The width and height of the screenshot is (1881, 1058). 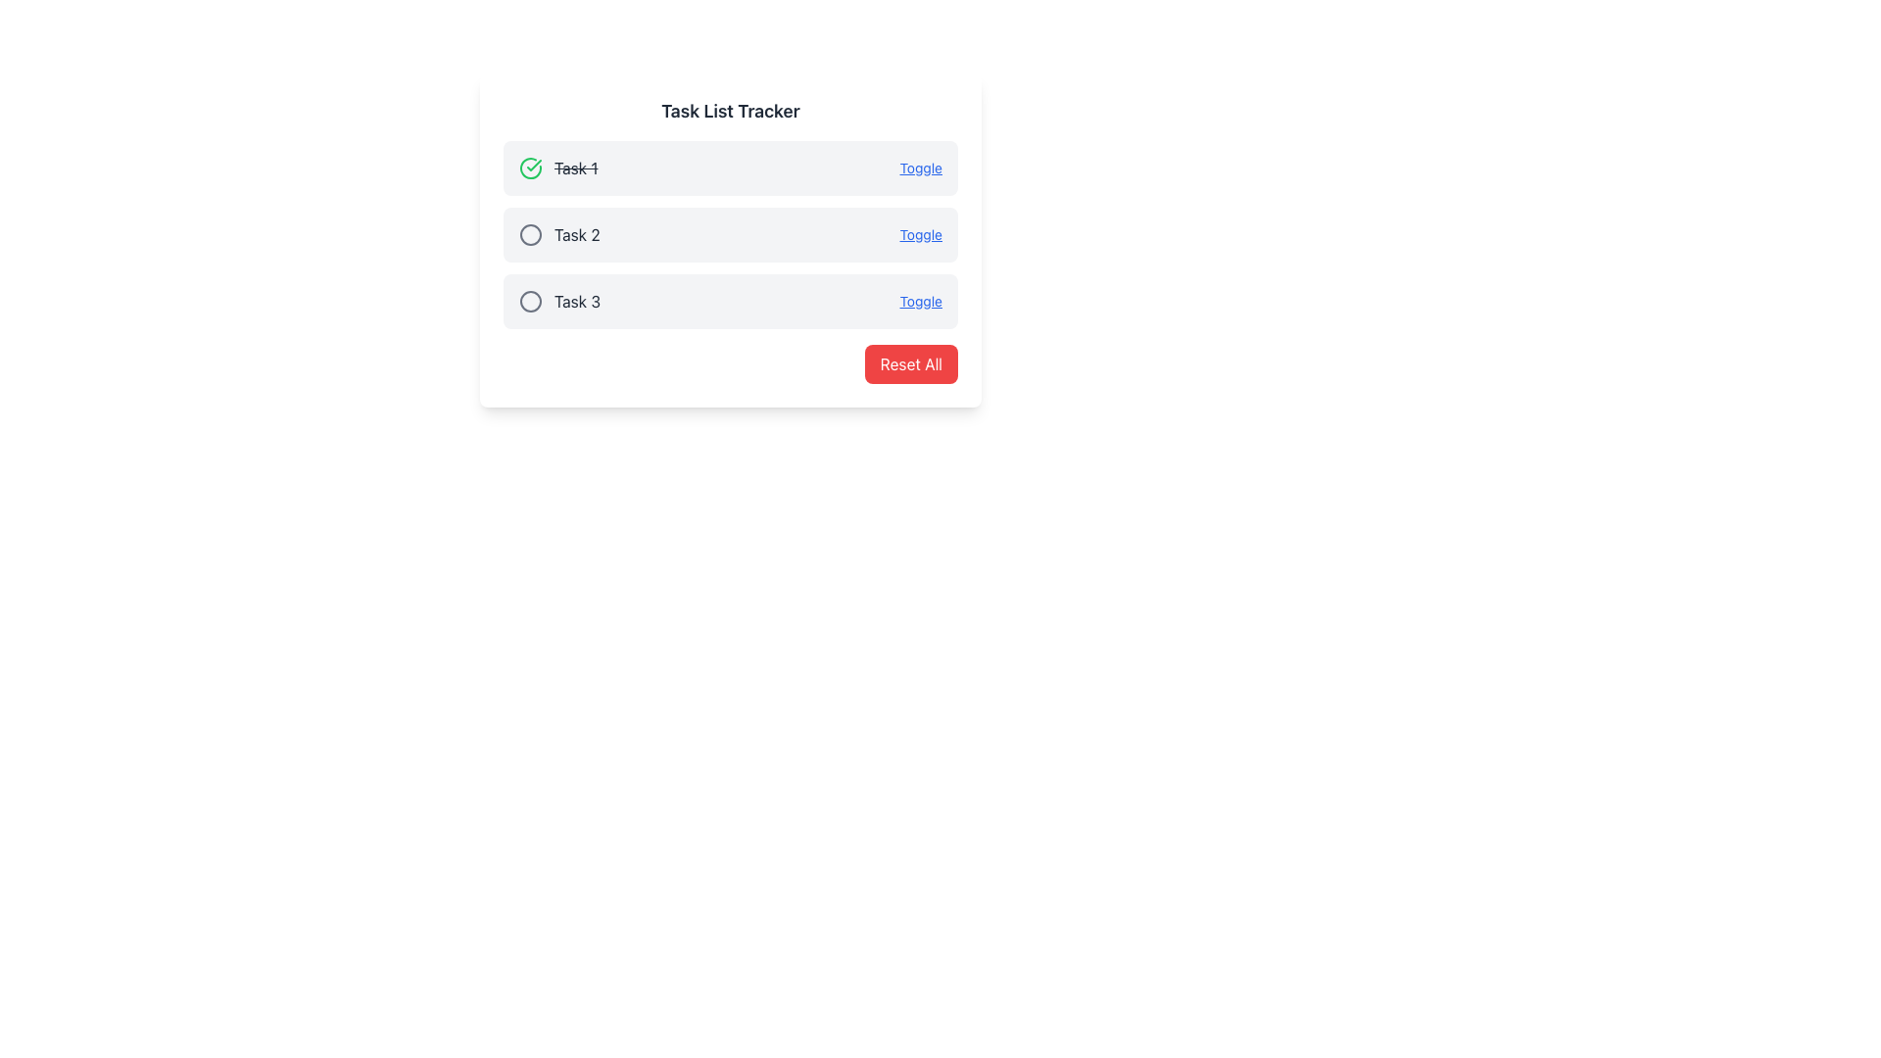 What do you see at coordinates (531, 302) in the screenshot?
I see `the gray circular icon with a hollow center located to the left of the text 'Task 3' in the 'Task List Tracker'` at bounding box center [531, 302].